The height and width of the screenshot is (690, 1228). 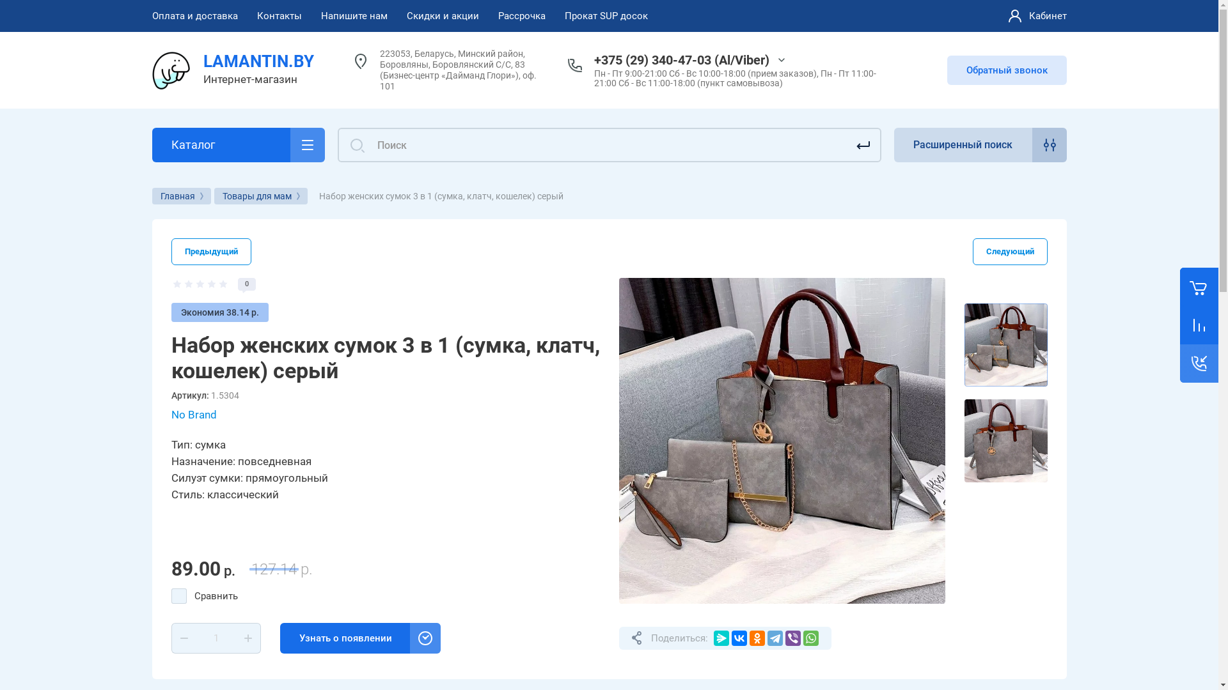 I want to click on '+', so click(x=248, y=638).